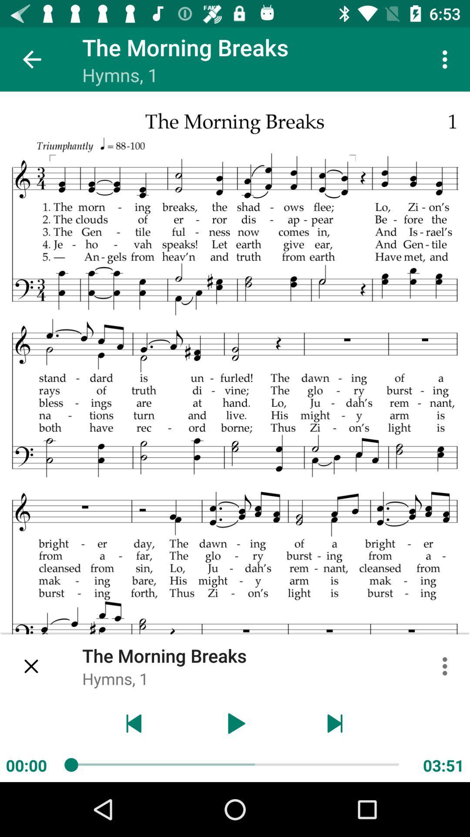 The height and width of the screenshot is (837, 470). What do you see at coordinates (31, 666) in the screenshot?
I see `exit this song` at bounding box center [31, 666].